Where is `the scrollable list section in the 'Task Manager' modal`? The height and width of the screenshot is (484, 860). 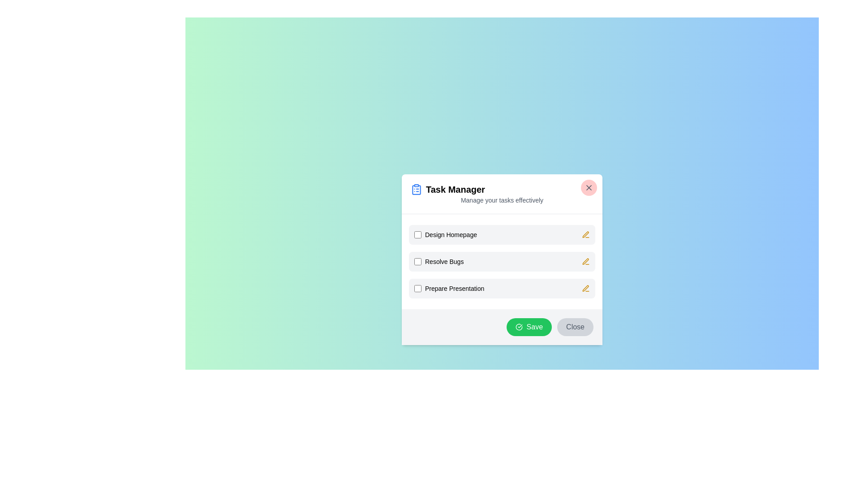
the scrollable list section in the 'Task Manager' modal is located at coordinates (502, 261).